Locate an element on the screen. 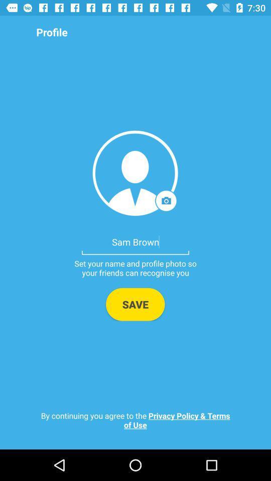  profile photo is located at coordinates (135, 173).